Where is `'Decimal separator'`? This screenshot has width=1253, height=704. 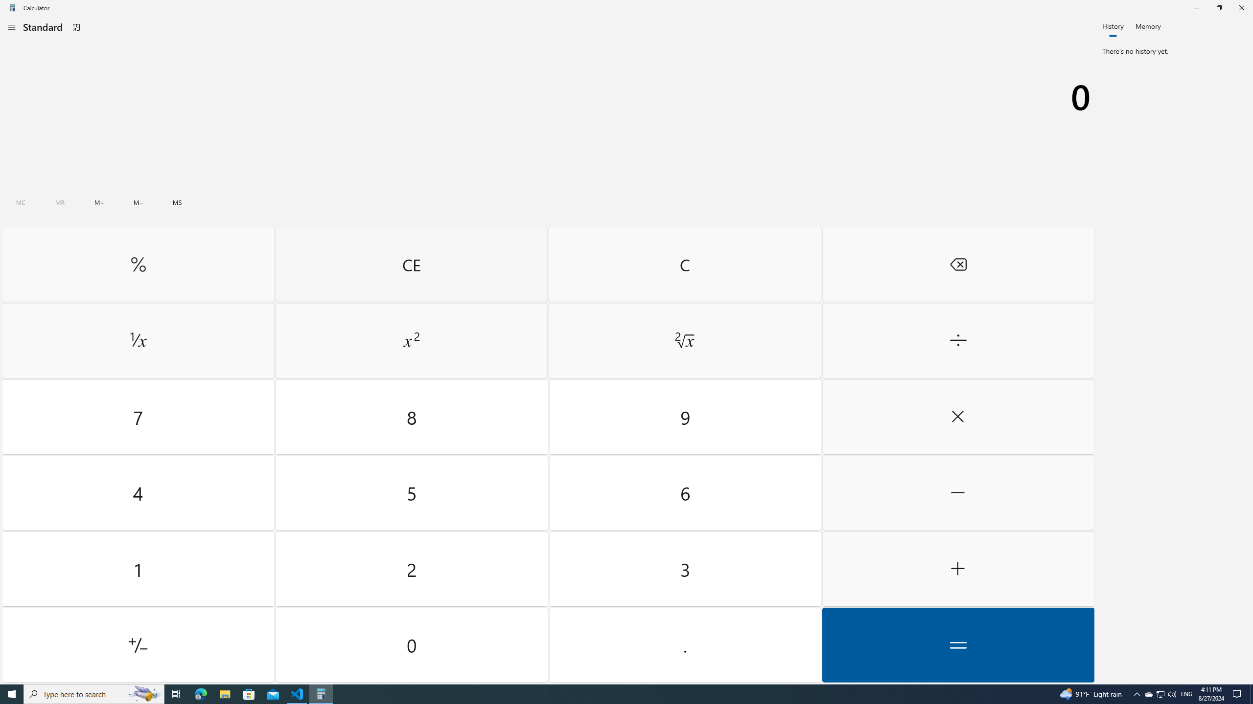 'Decimal separator' is located at coordinates (684, 644).